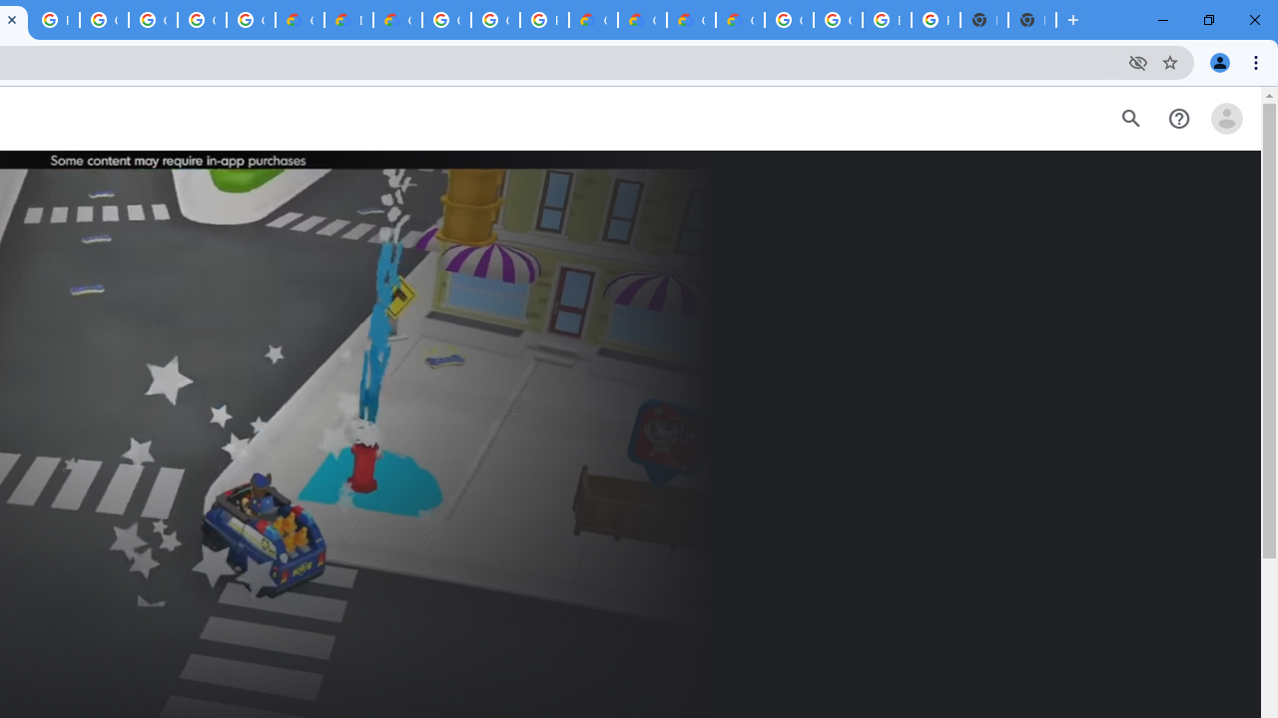 The width and height of the screenshot is (1278, 718). Describe the element at coordinates (299, 20) in the screenshot. I see `'Customer Care | Google Cloud'` at that location.